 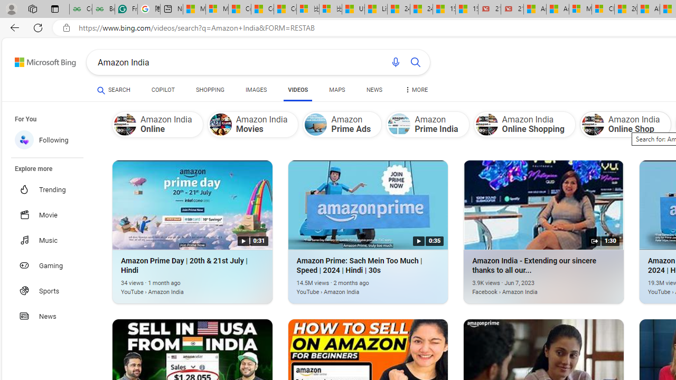 What do you see at coordinates (428, 123) in the screenshot?
I see `'Amazon Prime India'` at bounding box center [428, 123].